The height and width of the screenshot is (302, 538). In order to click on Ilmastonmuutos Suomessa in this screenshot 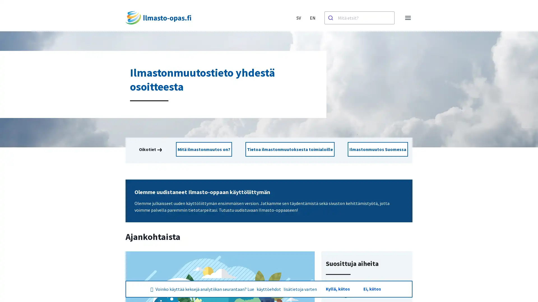, I will do `click(375, 149)`.